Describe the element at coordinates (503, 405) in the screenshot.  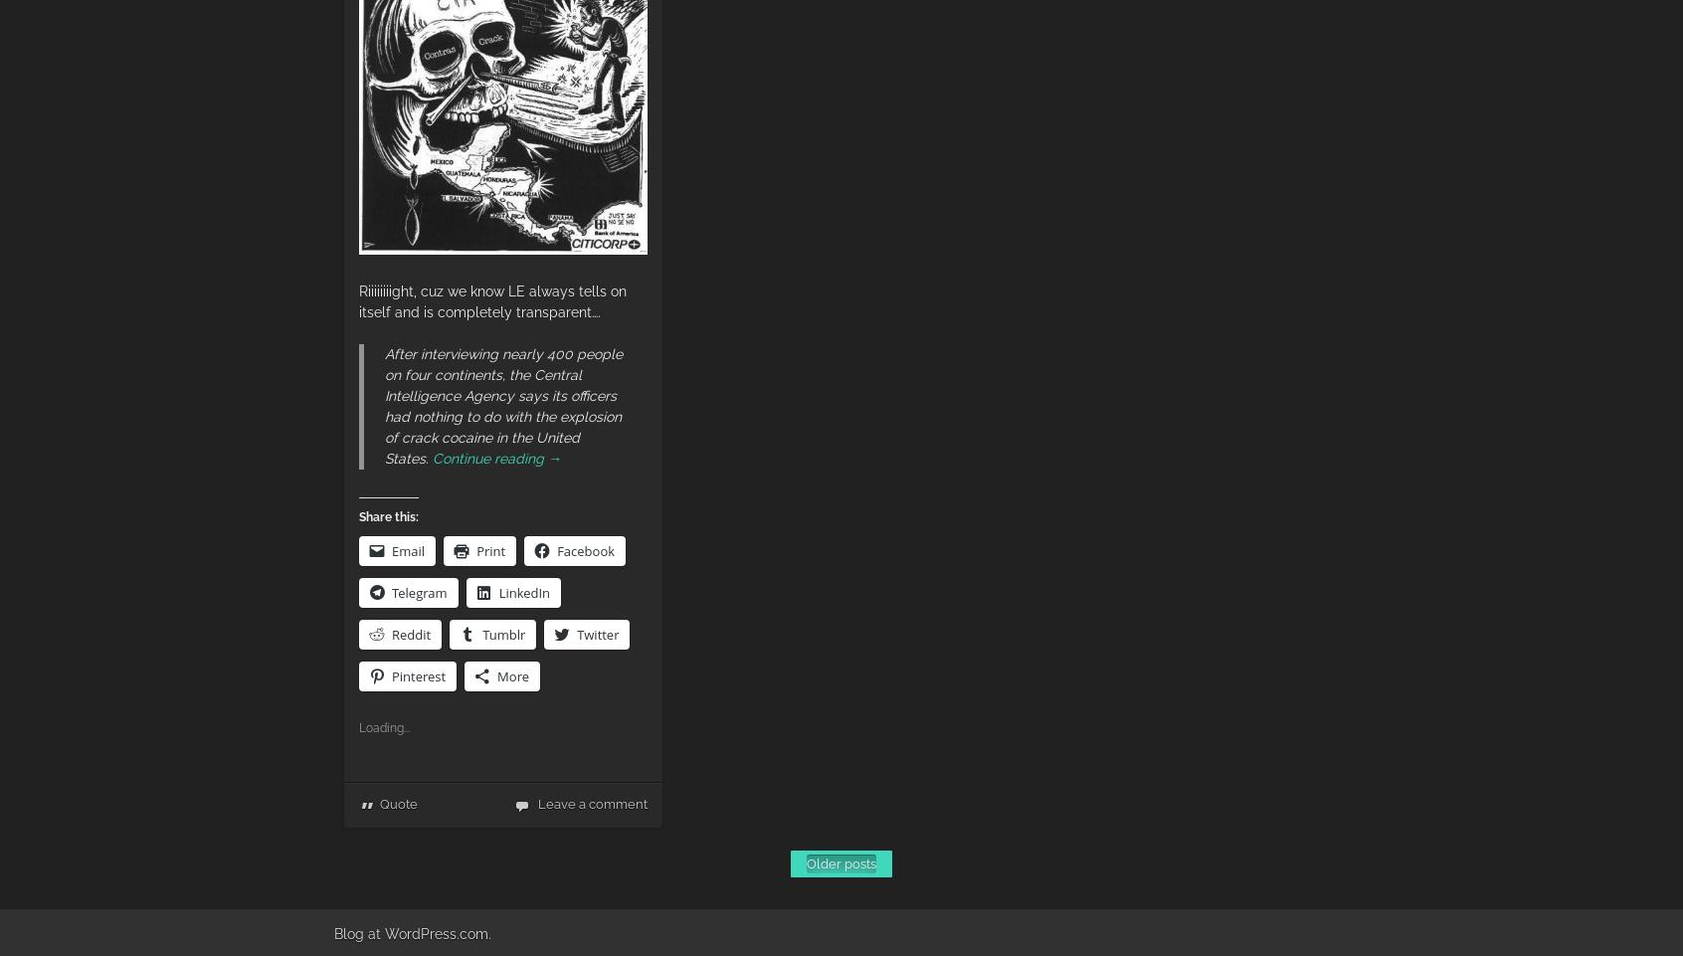
I see `'After interviewing nearly 400 people on four continents, the Central Intelligence Agency says its officers had nothing to do with the explosion of crack cocaine in the United States.'` at that location.